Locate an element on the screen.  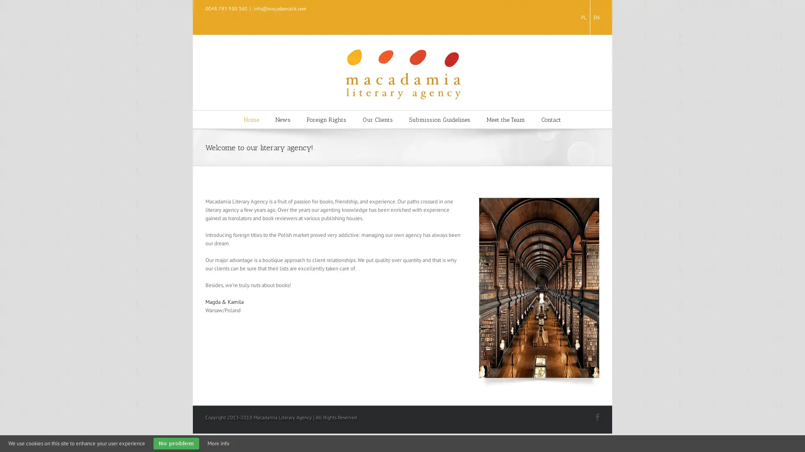
No problem is located at coordinates (176, 443).